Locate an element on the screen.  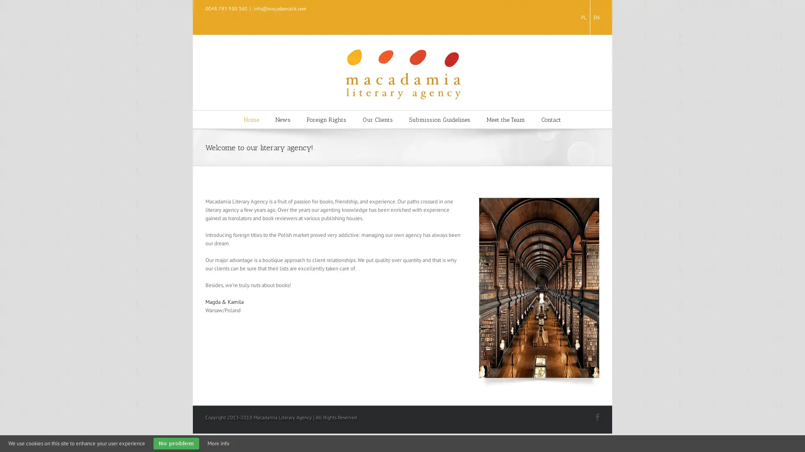
No problem is located at coordinates (176, 443).